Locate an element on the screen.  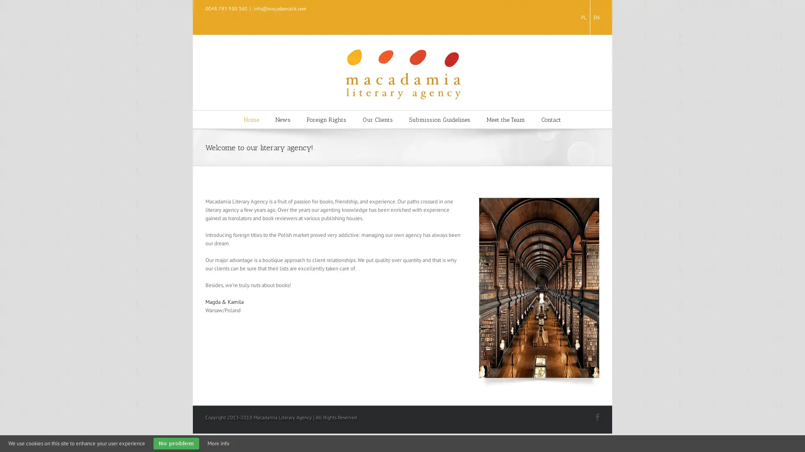
No problem is located at coordinates (176, 443).